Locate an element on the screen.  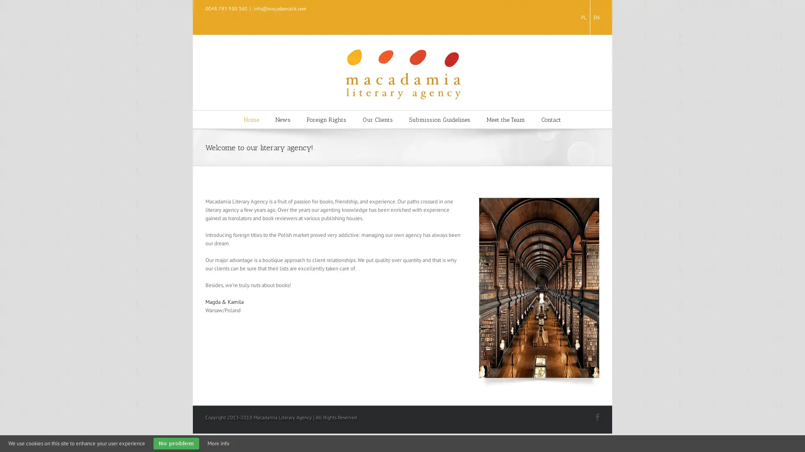
No problem is located at coordinates (176, 443).